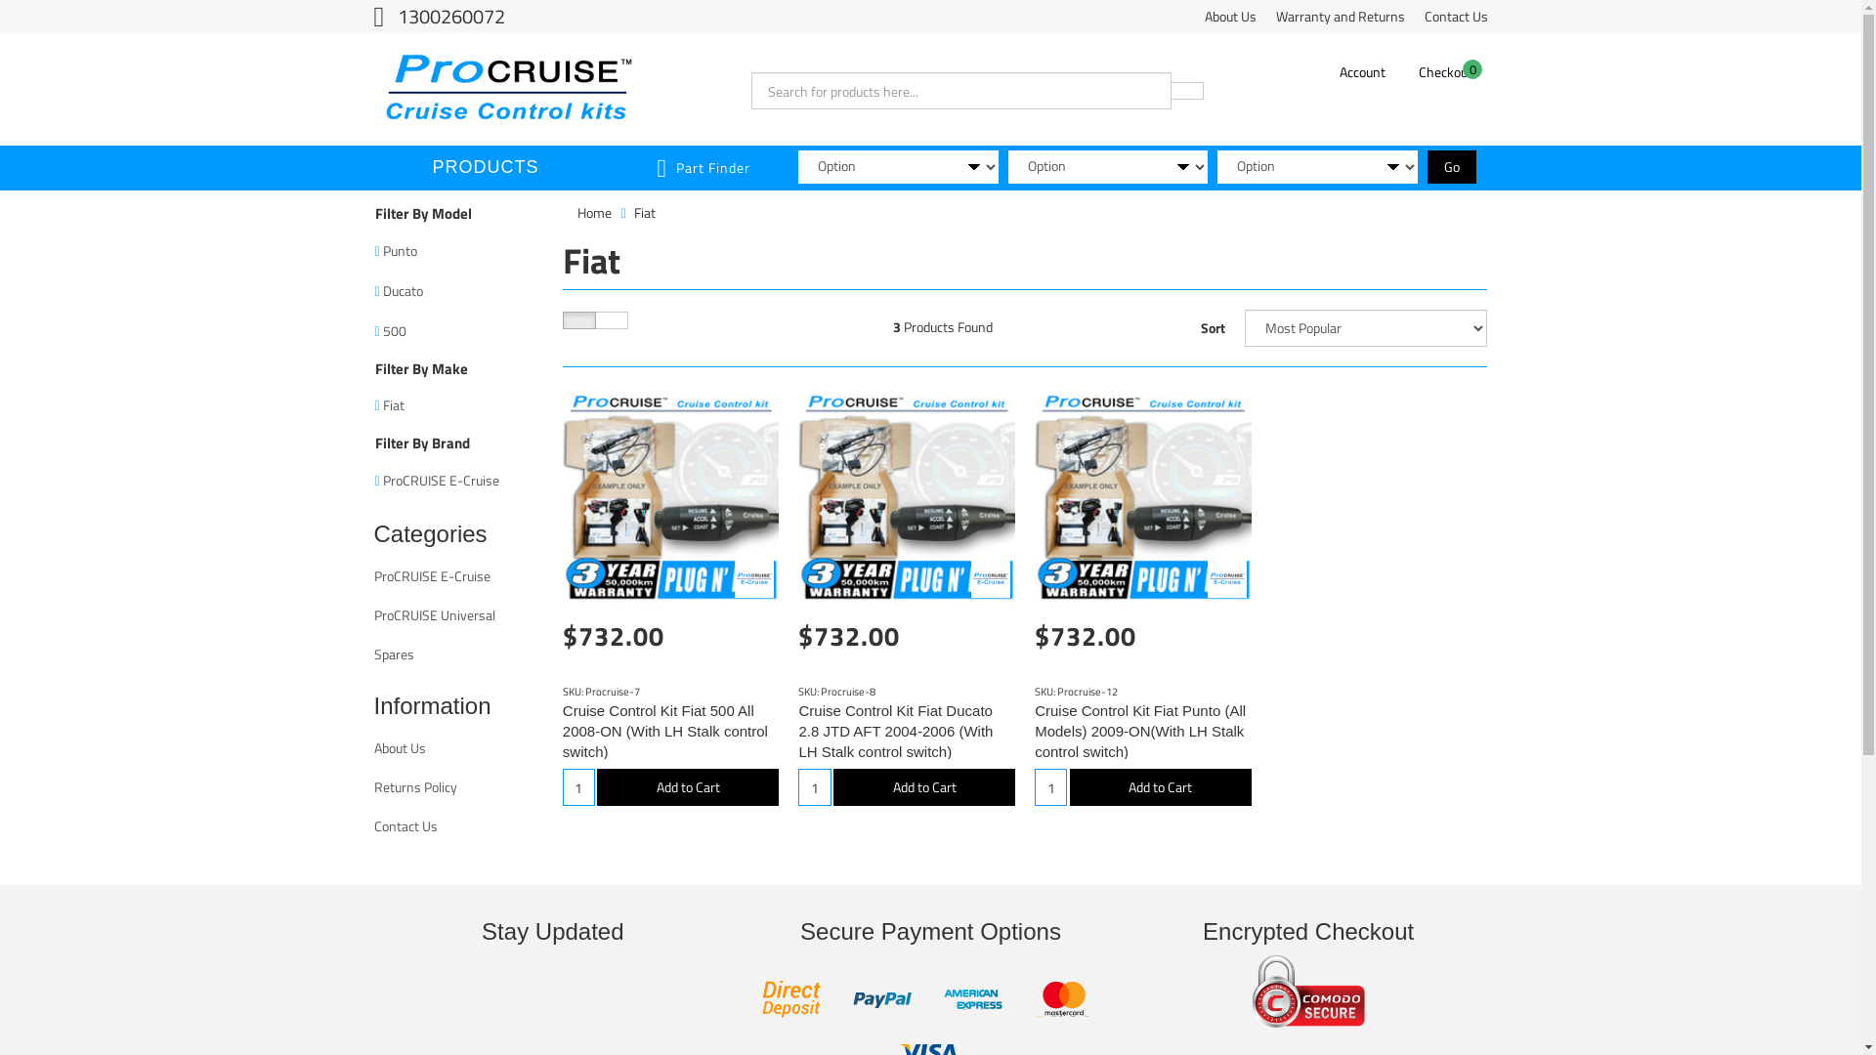 The image size is (1876, 1055). I want to click on 'Add to Cart', so click(1161, 786).